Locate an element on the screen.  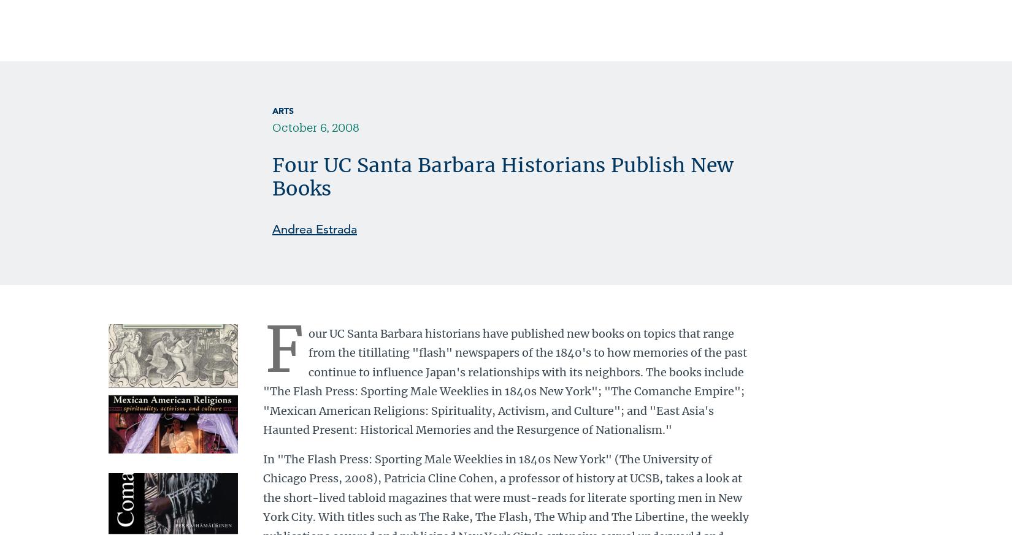
'"Mexican American Religions: Spirituality, Activism, and Culture"' is located at coordinates (441, 291).